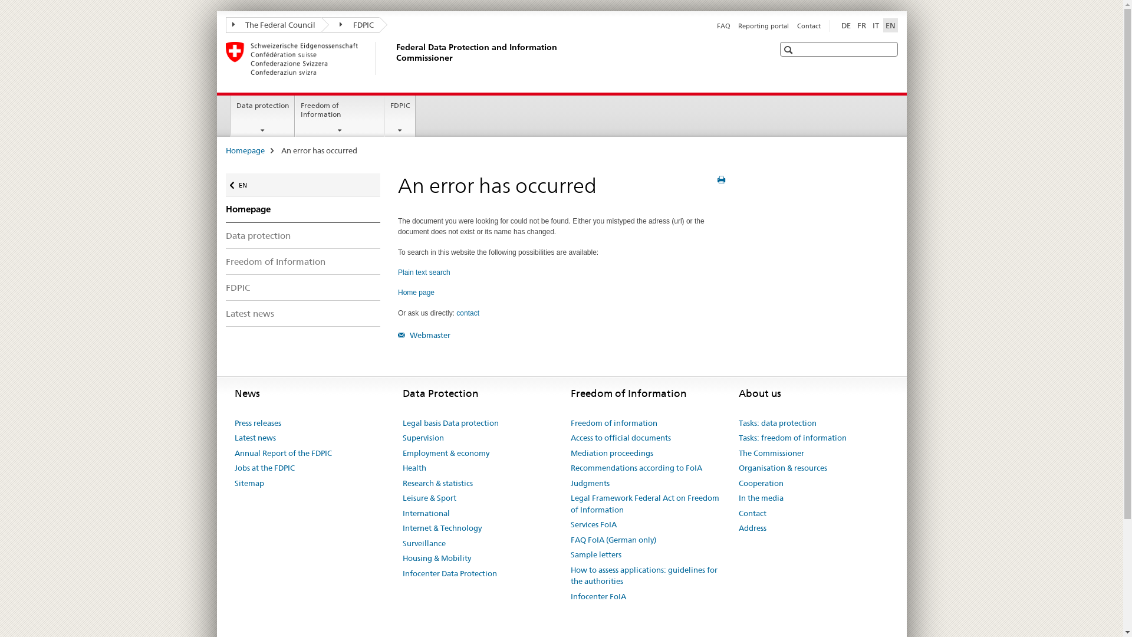  Describe the element at coordinates (645, 504) in the screenshot. I see `'Legal Framework Federal Act on Freedom of Information'` at that location.